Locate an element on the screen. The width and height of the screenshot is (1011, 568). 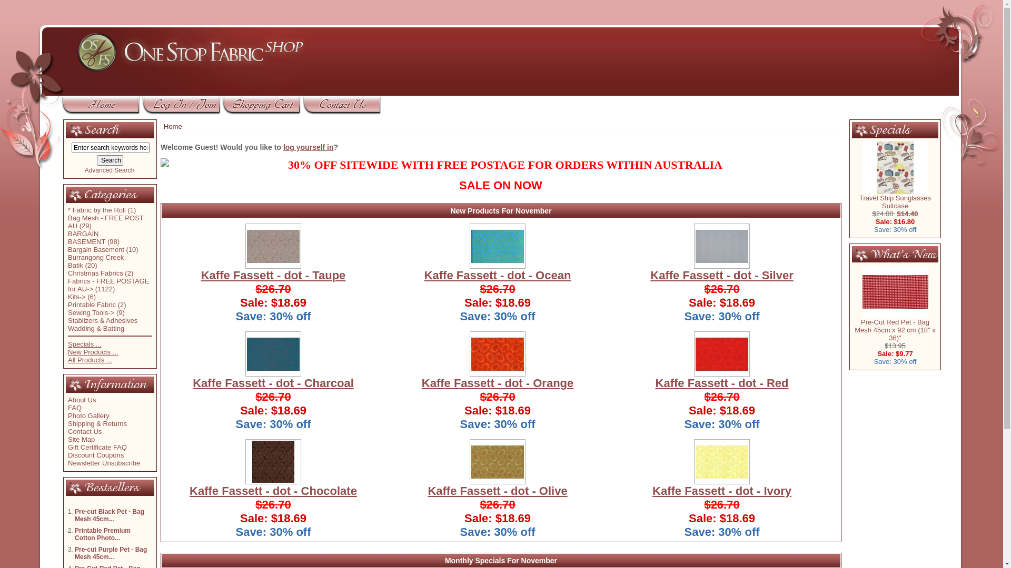
'About Us' is located at coordinates (81, 399).